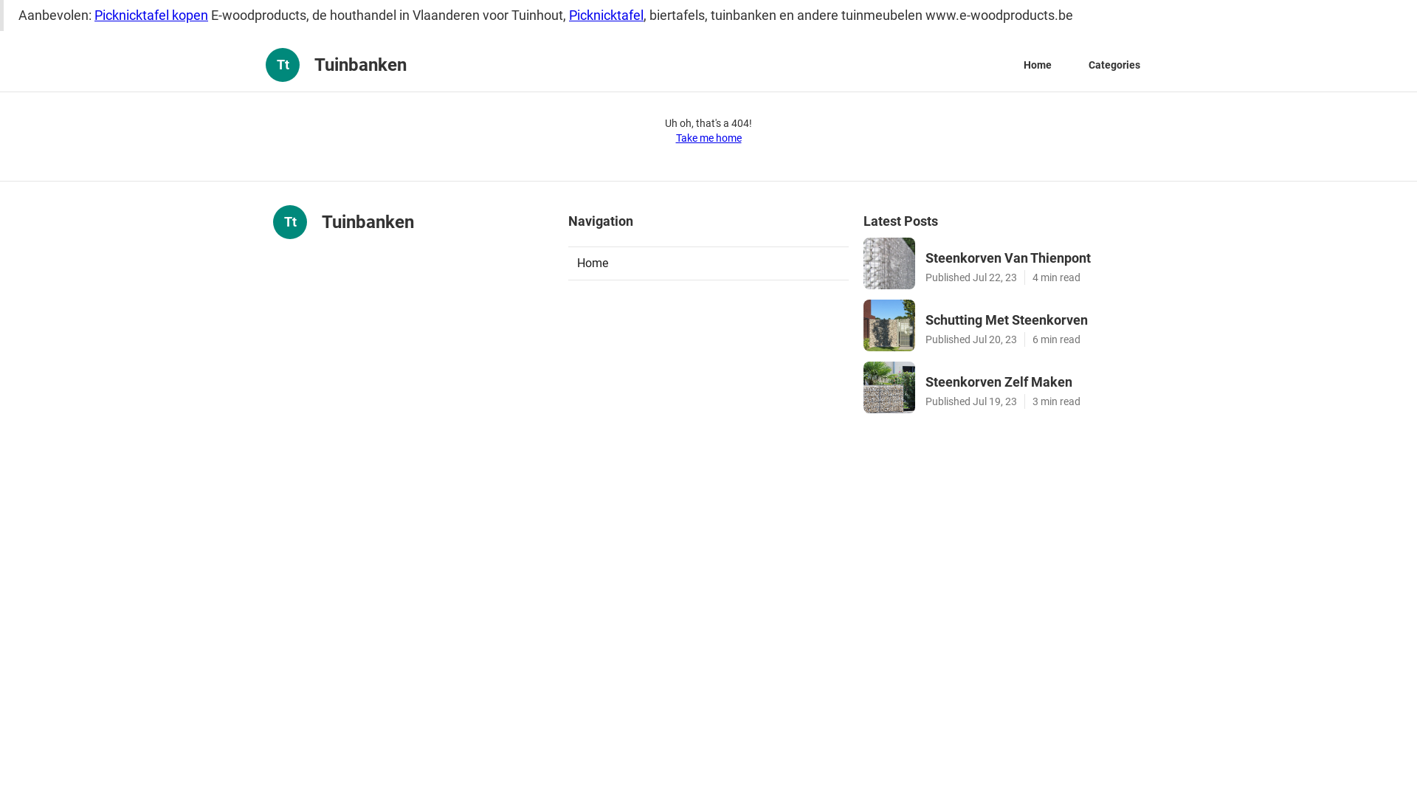 Image resolution: width=1417 pixels, height=797 pixels. Describe the element at coordinates (1033, 258) in the screenshot. I see `'Steenkorven Van Thienpont'` at that location.